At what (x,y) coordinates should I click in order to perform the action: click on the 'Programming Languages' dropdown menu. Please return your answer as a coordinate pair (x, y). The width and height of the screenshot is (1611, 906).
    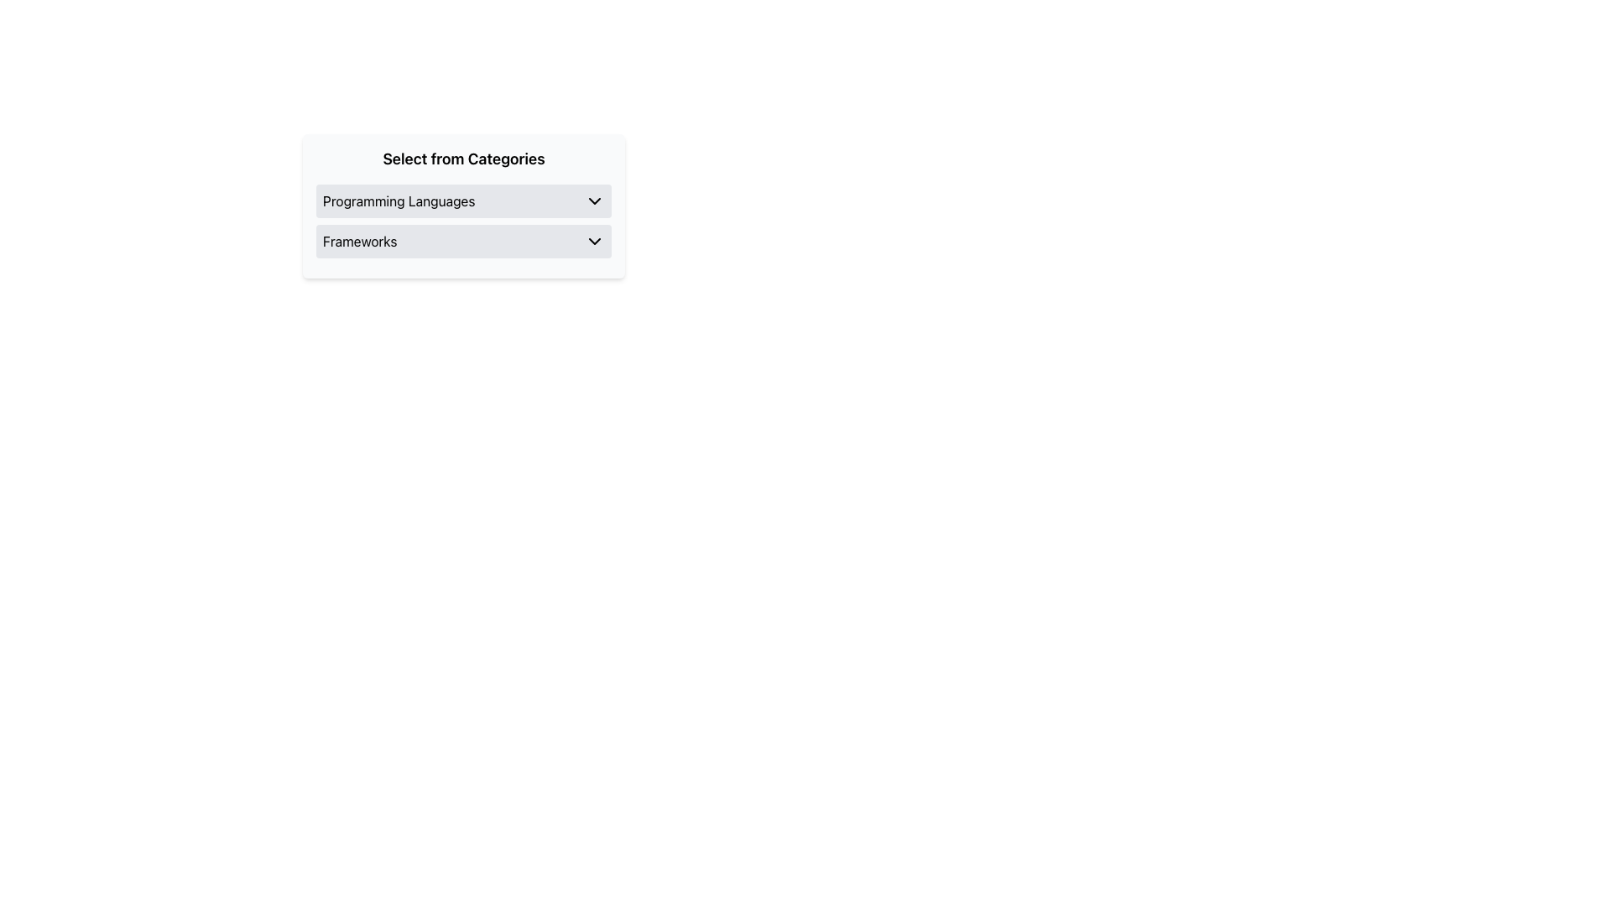
    Looking at the image, I should click on (463, 200).